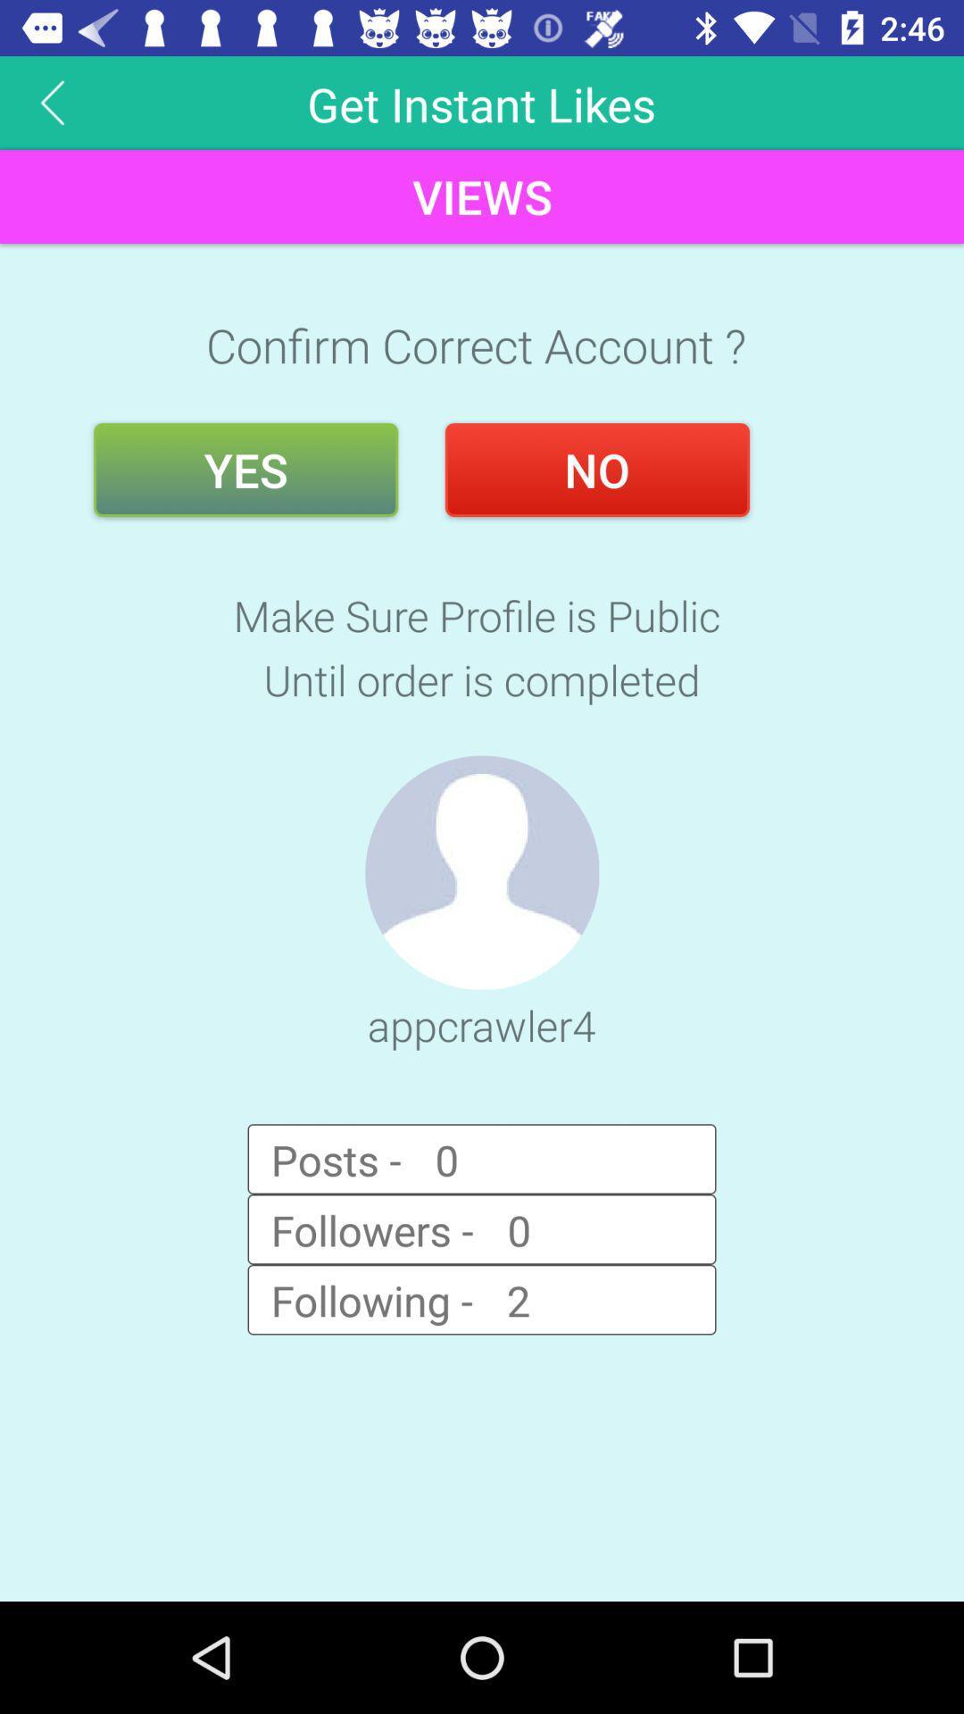  I want to click on the item next to the get instant likes app, so click(52, 102).